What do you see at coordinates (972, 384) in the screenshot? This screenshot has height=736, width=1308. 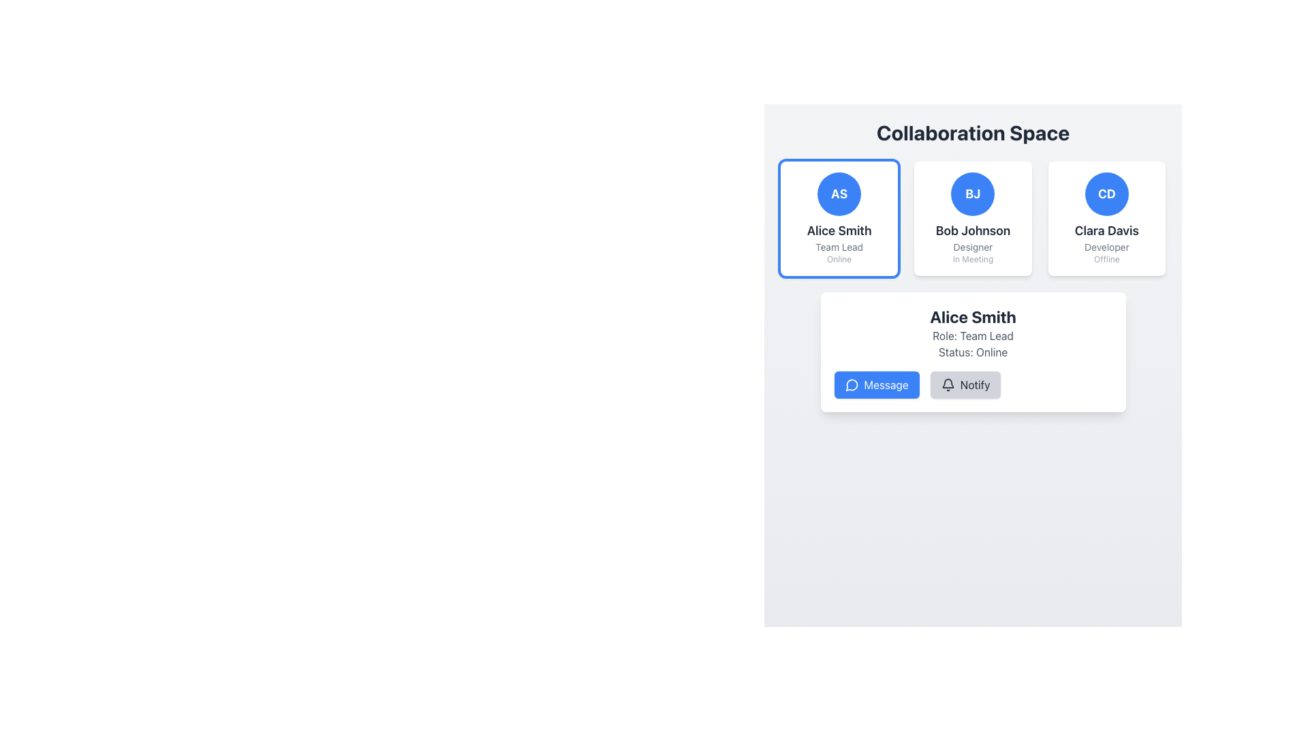 I see `the 'Notify' button, which is part of a horizontal group of buttons at the bottom section of the card displaying information about 'Alice Smith'` at bounding box center [972, 384].